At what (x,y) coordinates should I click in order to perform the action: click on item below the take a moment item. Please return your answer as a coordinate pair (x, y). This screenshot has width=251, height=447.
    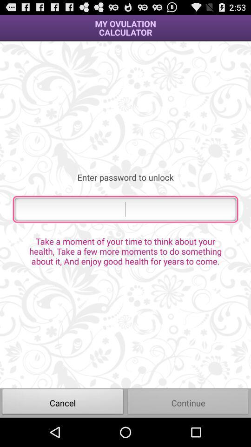
    Looking at the image, I should click on (188, 402).